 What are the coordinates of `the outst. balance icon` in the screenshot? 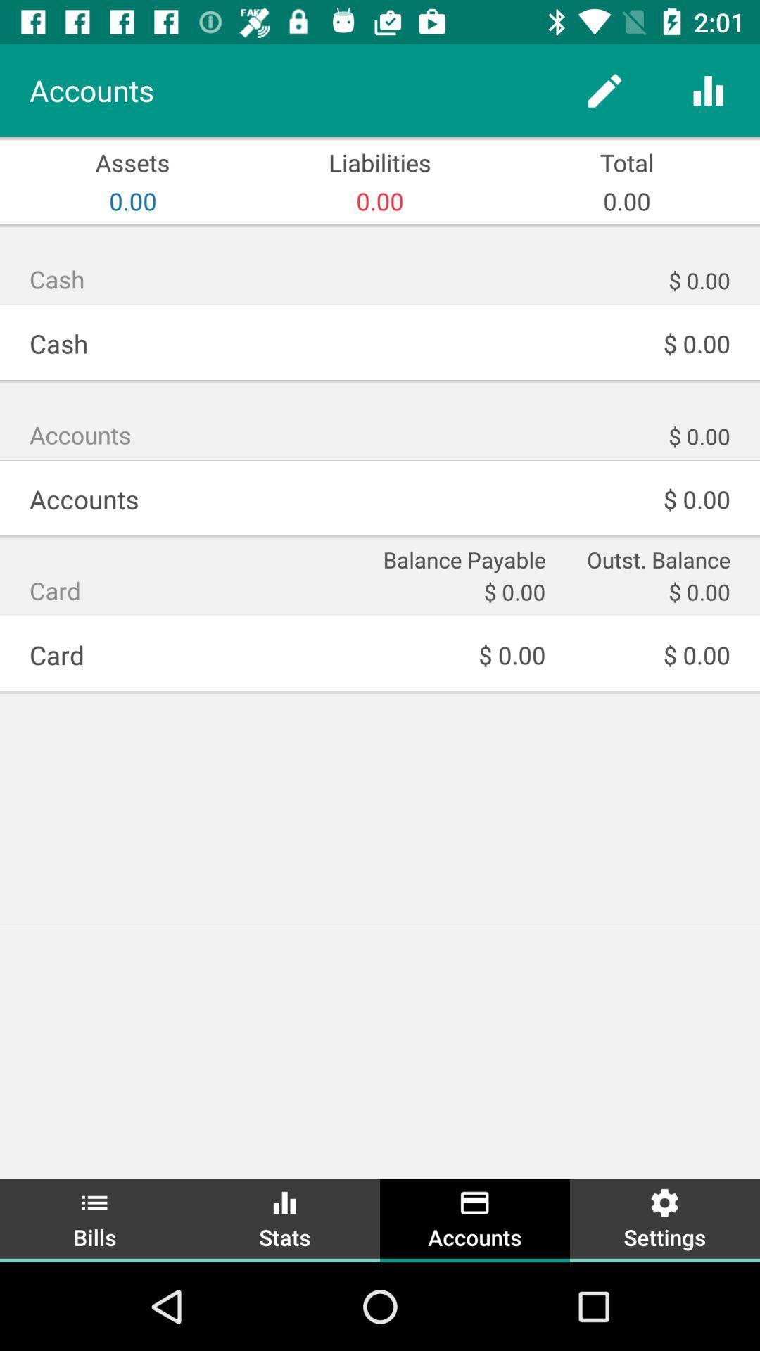 It's located at (647, 557).